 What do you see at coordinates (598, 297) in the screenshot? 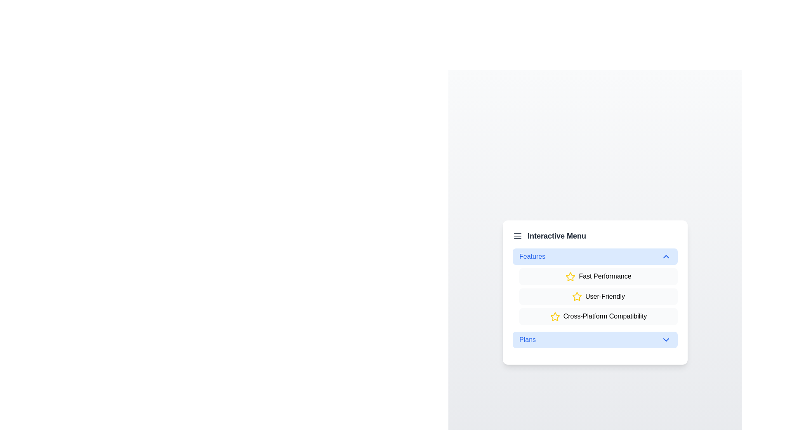
I see `the list item 'User-Friendly' under the 'Features' section` at bounding box center [598, 297].